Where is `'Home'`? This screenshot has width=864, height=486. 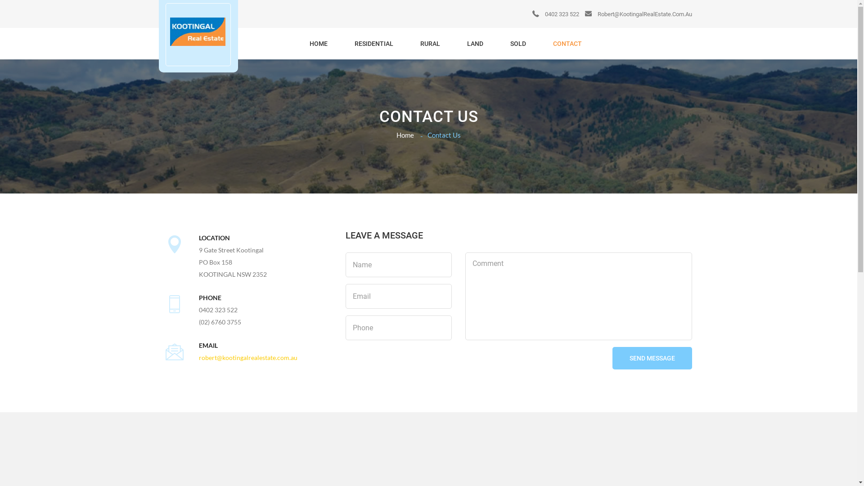
'Home' is located at coordinates (405, 135).